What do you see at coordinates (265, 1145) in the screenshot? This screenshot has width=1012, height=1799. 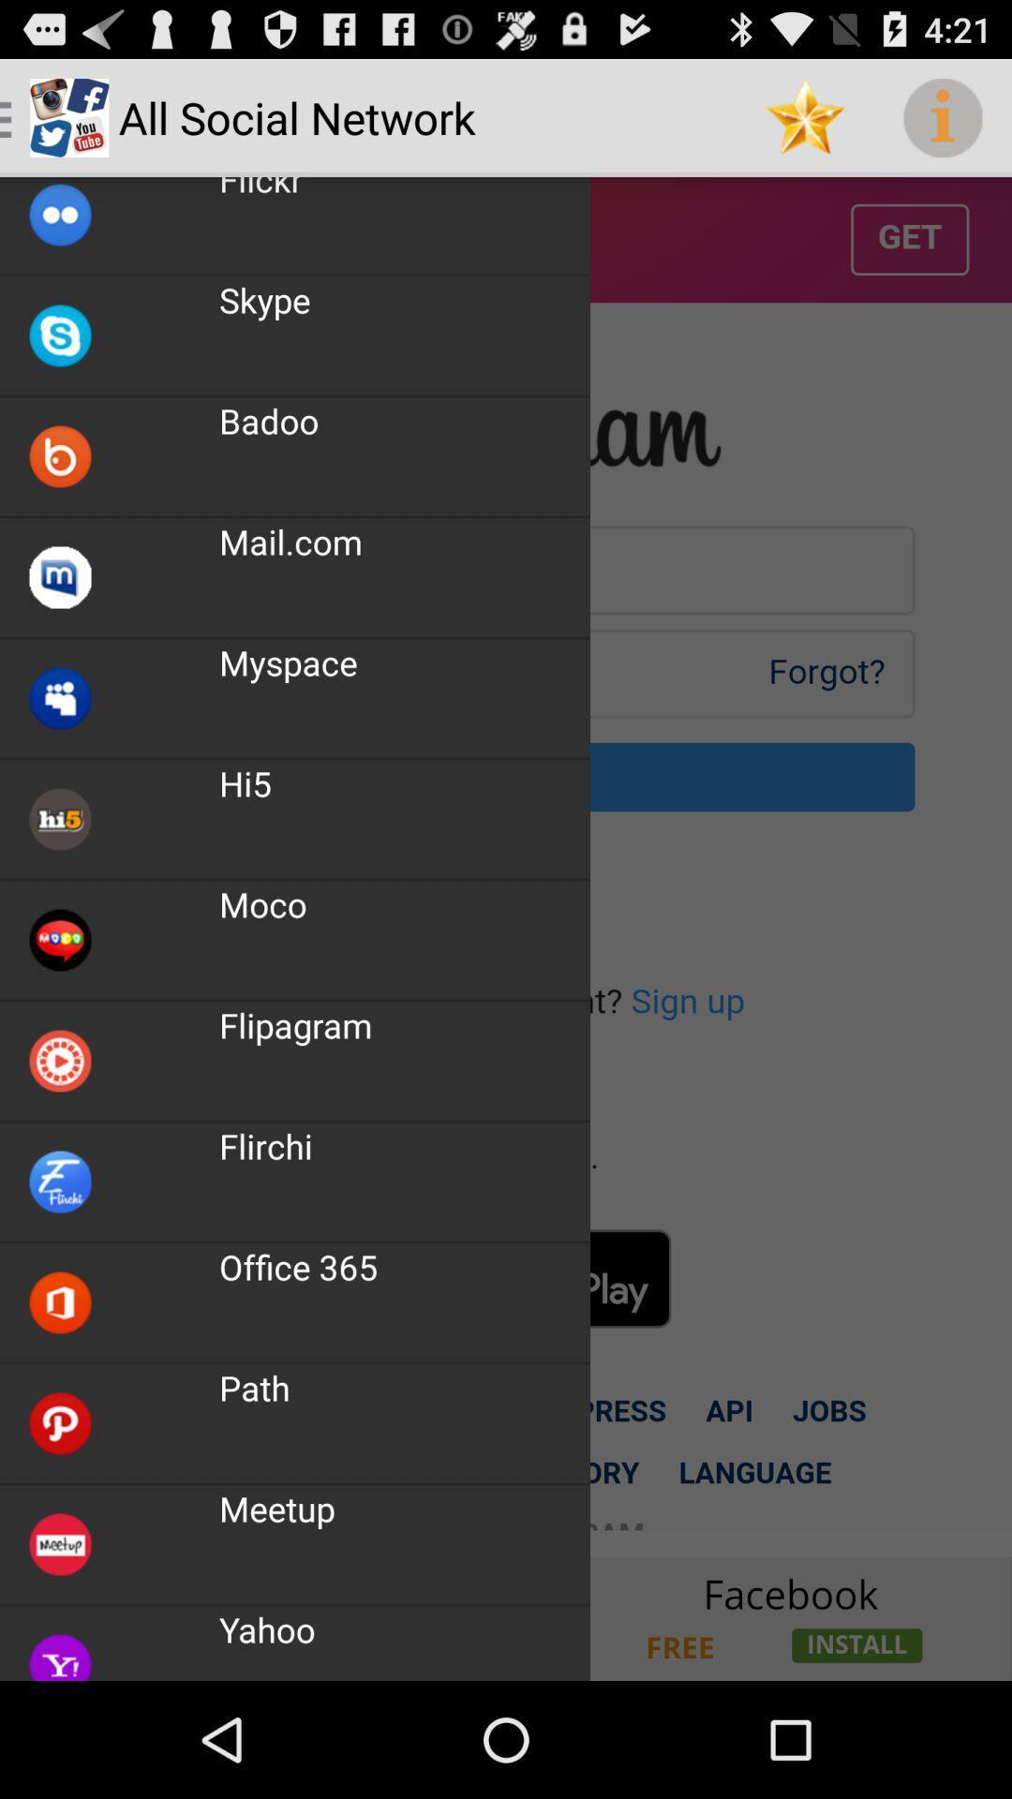 I see `item below flipagram item` at bounding box center [265, 1145].